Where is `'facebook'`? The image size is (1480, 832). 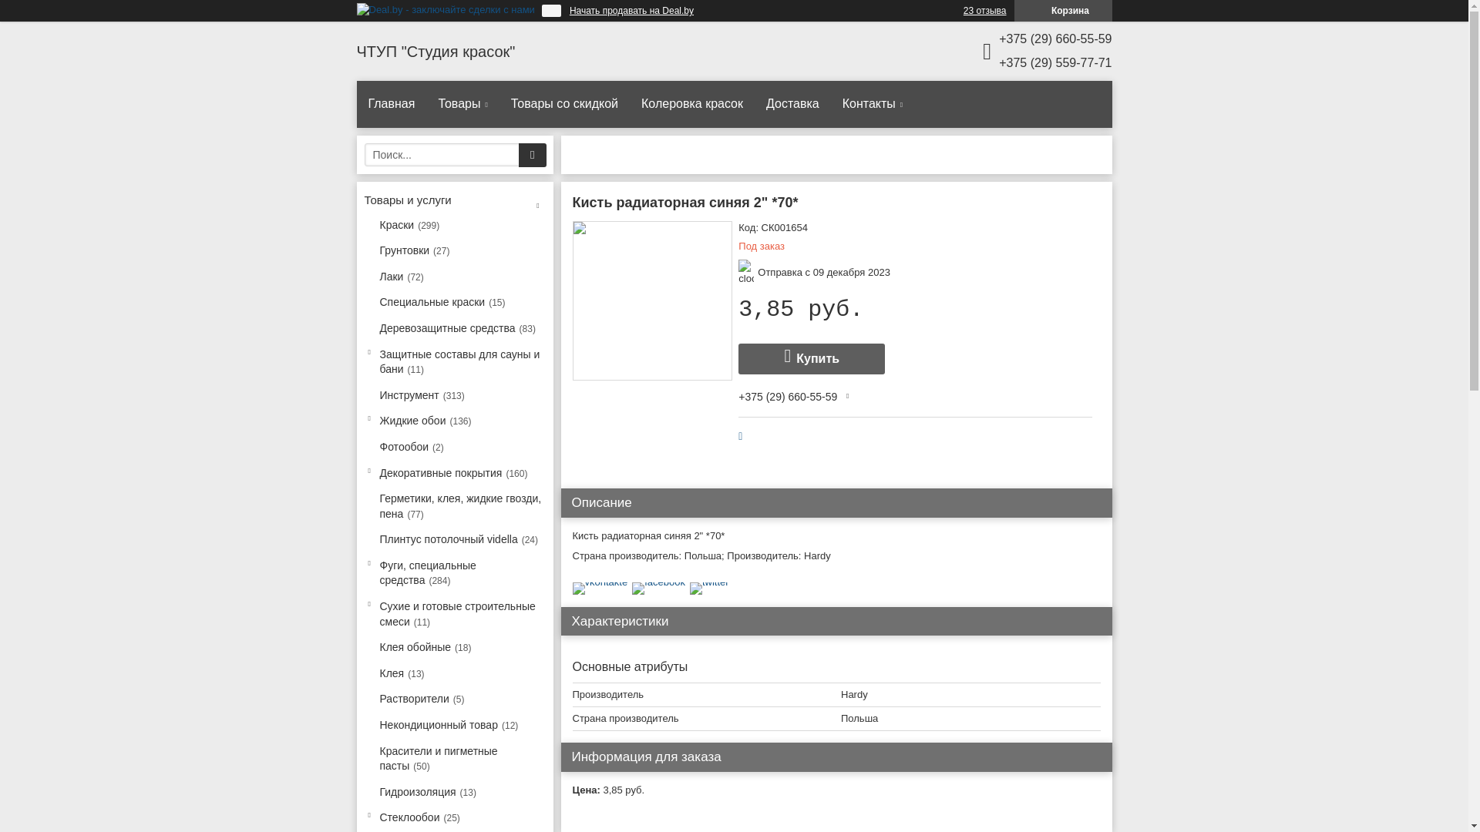
'facebook' is located at coordinates (632, 582).